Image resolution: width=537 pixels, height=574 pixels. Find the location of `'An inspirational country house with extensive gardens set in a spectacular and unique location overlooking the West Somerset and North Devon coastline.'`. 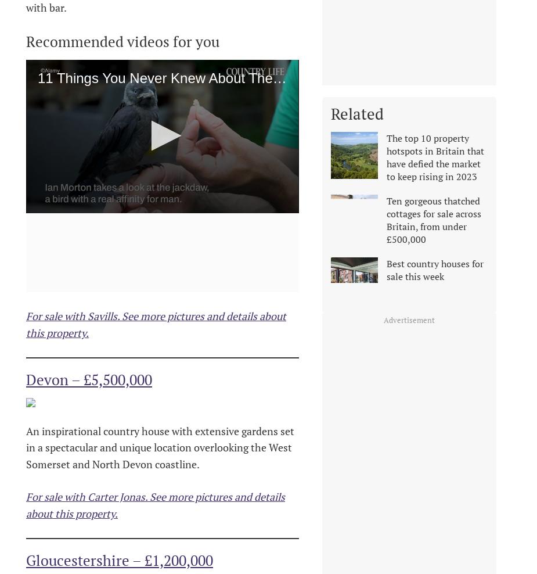

'An inspirational country house with extensive gardens set in a spectacular and unique location overlooking the West Somerset and North Devon coastline.' is located at coordinates (25, 447).